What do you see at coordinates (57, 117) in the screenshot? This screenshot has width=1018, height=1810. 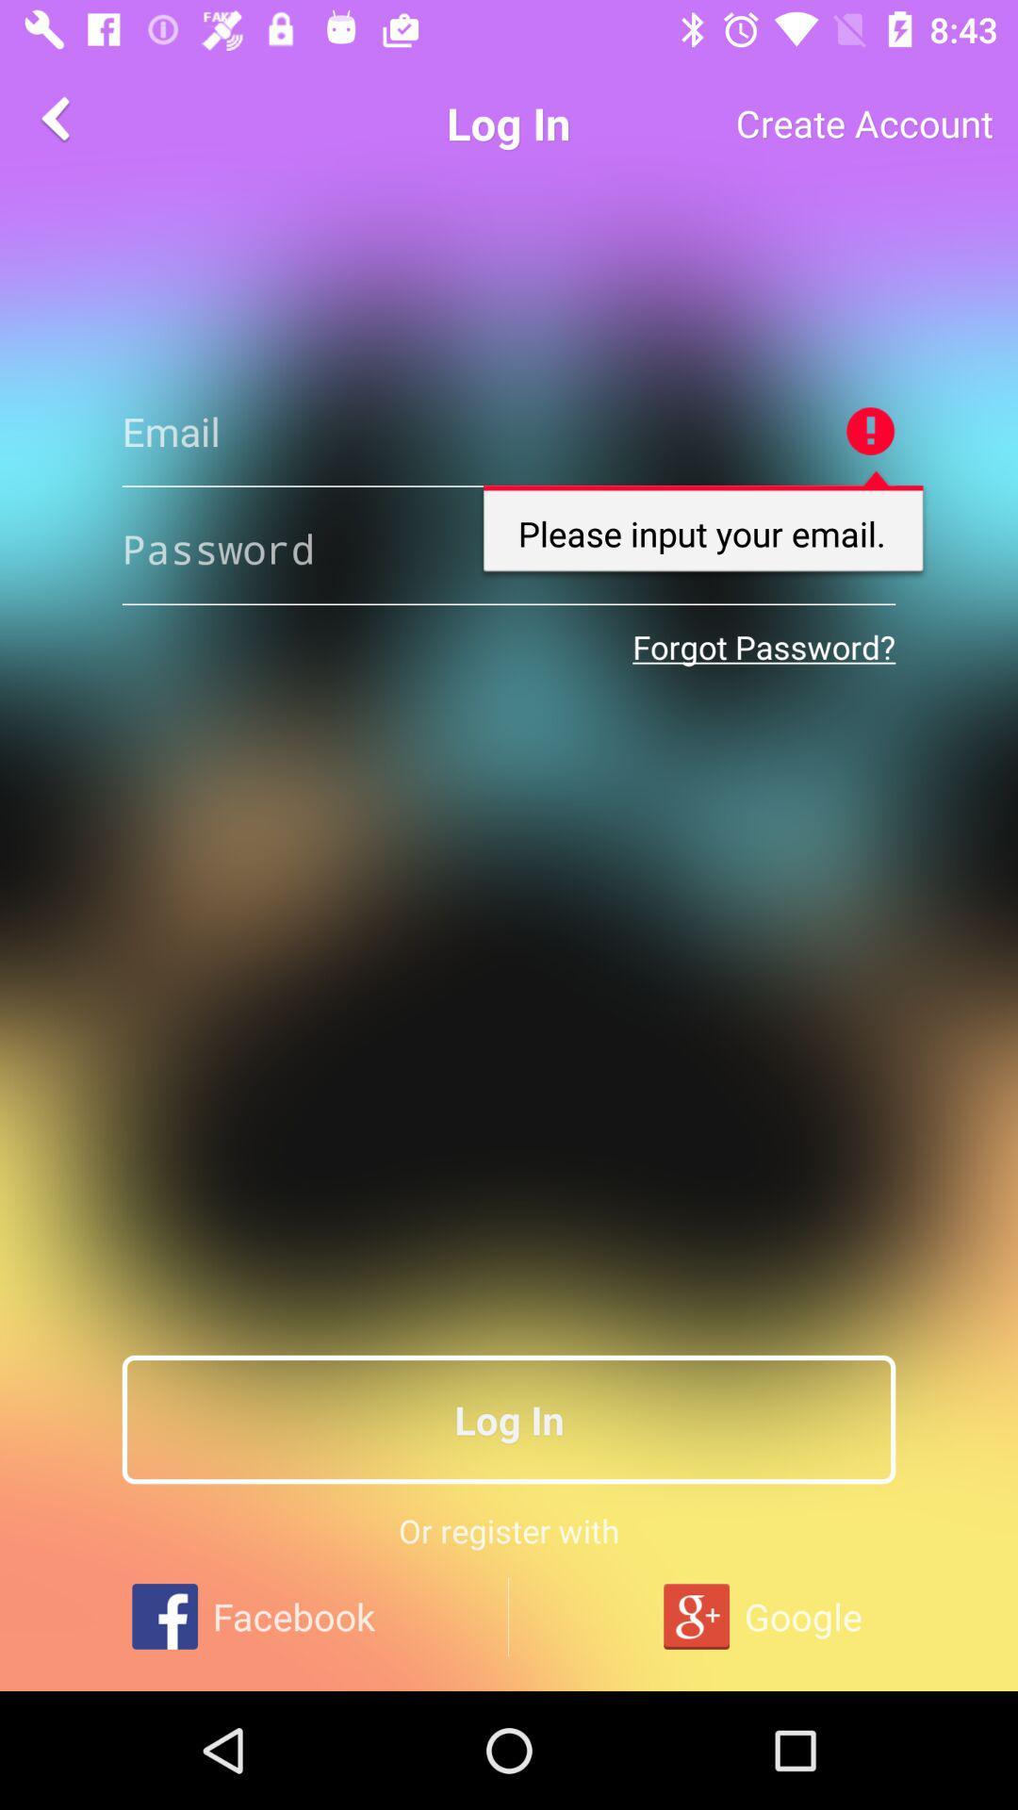 I see `previous` at bounding box center [57, 117].